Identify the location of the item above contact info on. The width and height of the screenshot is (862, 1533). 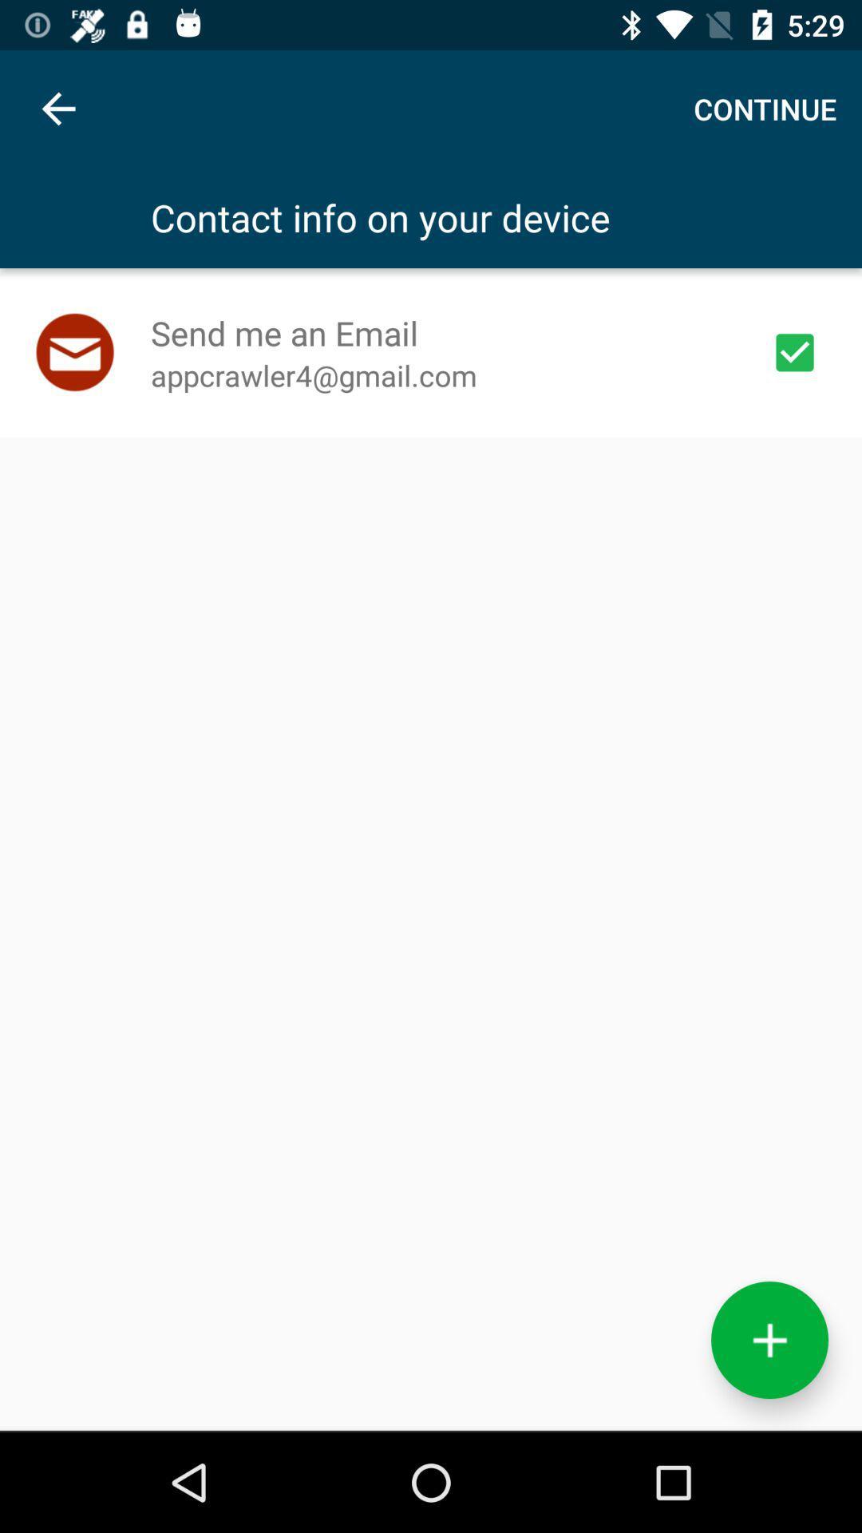
(764, 108).